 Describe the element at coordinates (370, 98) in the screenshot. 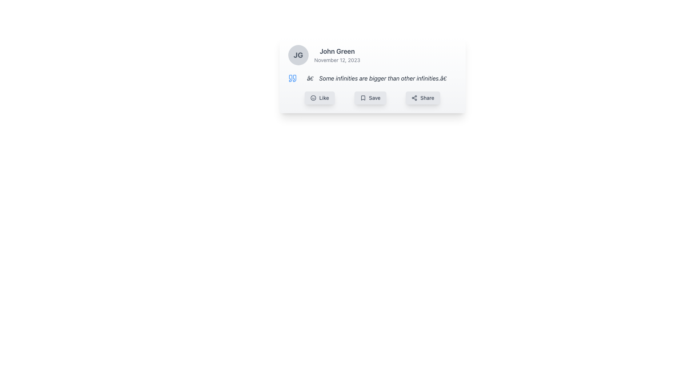

I see `the 'Save' button with a bookmark icon, which is centrally positioned below a text quote` at that location.